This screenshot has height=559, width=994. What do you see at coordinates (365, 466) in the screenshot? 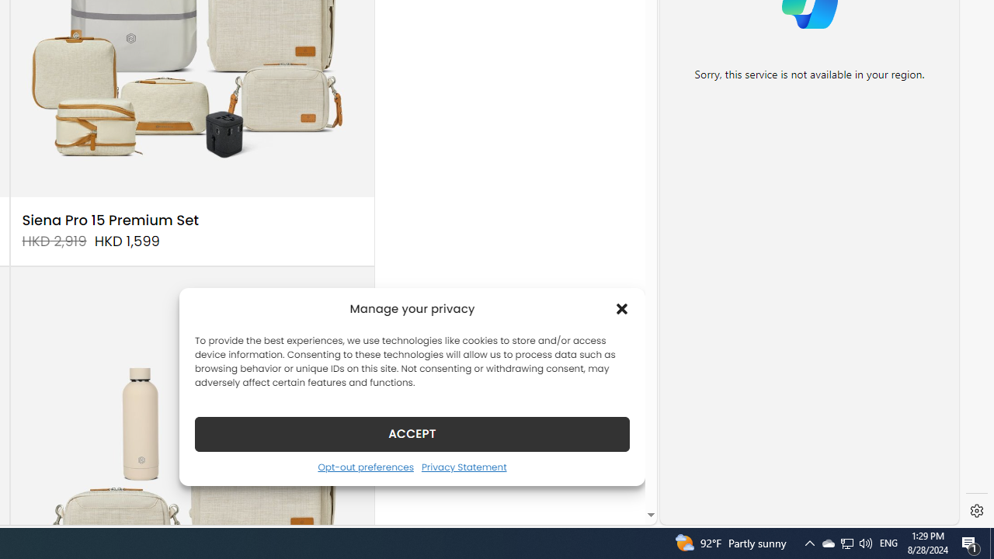
I see `'Opt-out preferences'` at bounding box center [365, 466].